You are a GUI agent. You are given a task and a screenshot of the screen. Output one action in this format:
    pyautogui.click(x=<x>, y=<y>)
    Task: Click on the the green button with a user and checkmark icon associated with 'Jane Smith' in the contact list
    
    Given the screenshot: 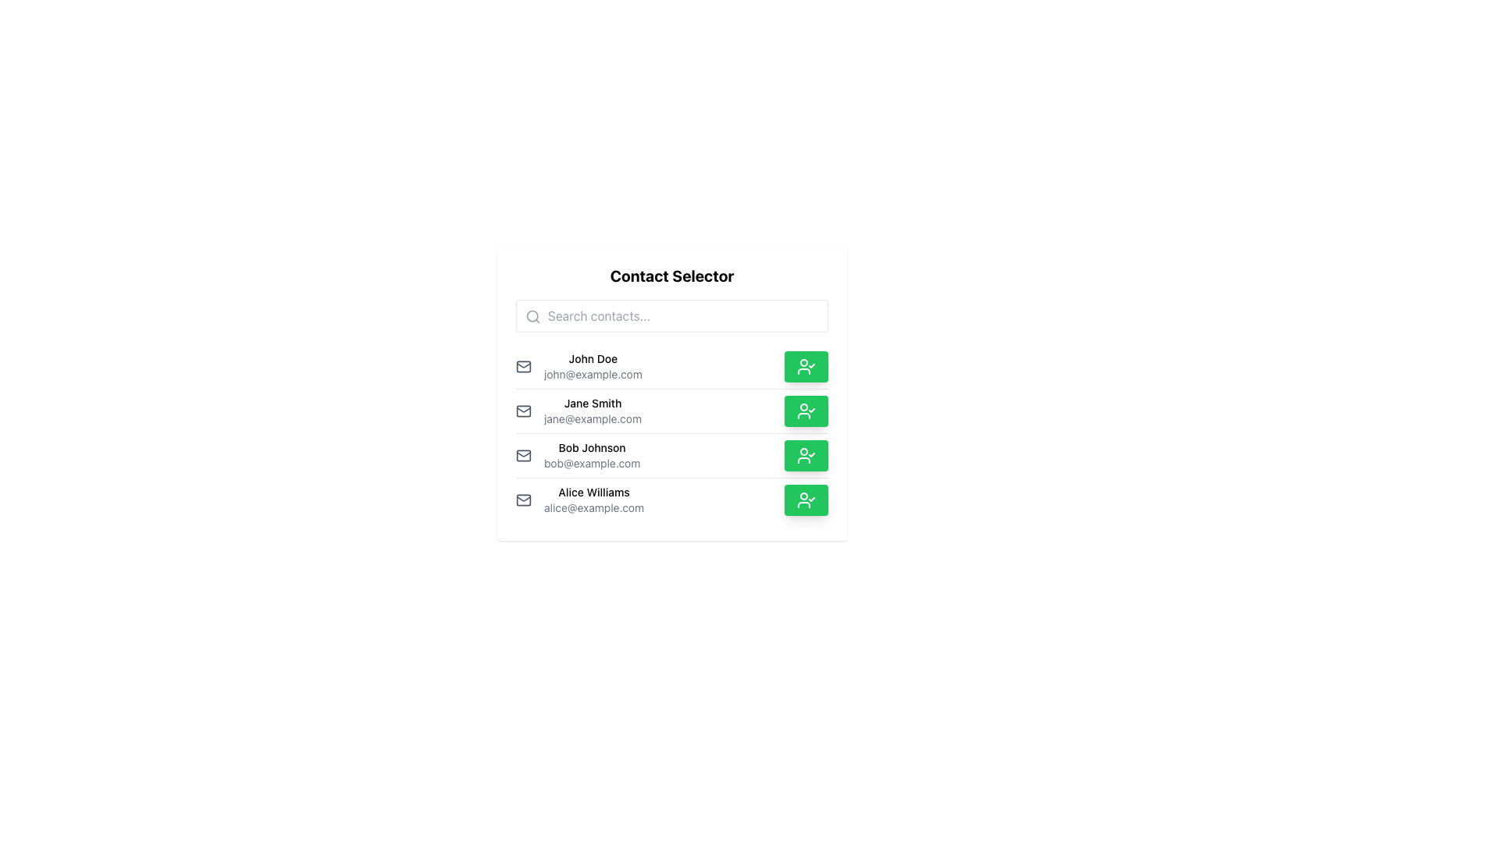 What is the action you would take?
    pyautogui.click(x=806, y=411)
    